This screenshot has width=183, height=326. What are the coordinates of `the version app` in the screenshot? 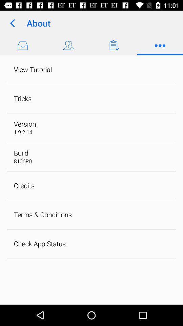 It's located at (24, 124).